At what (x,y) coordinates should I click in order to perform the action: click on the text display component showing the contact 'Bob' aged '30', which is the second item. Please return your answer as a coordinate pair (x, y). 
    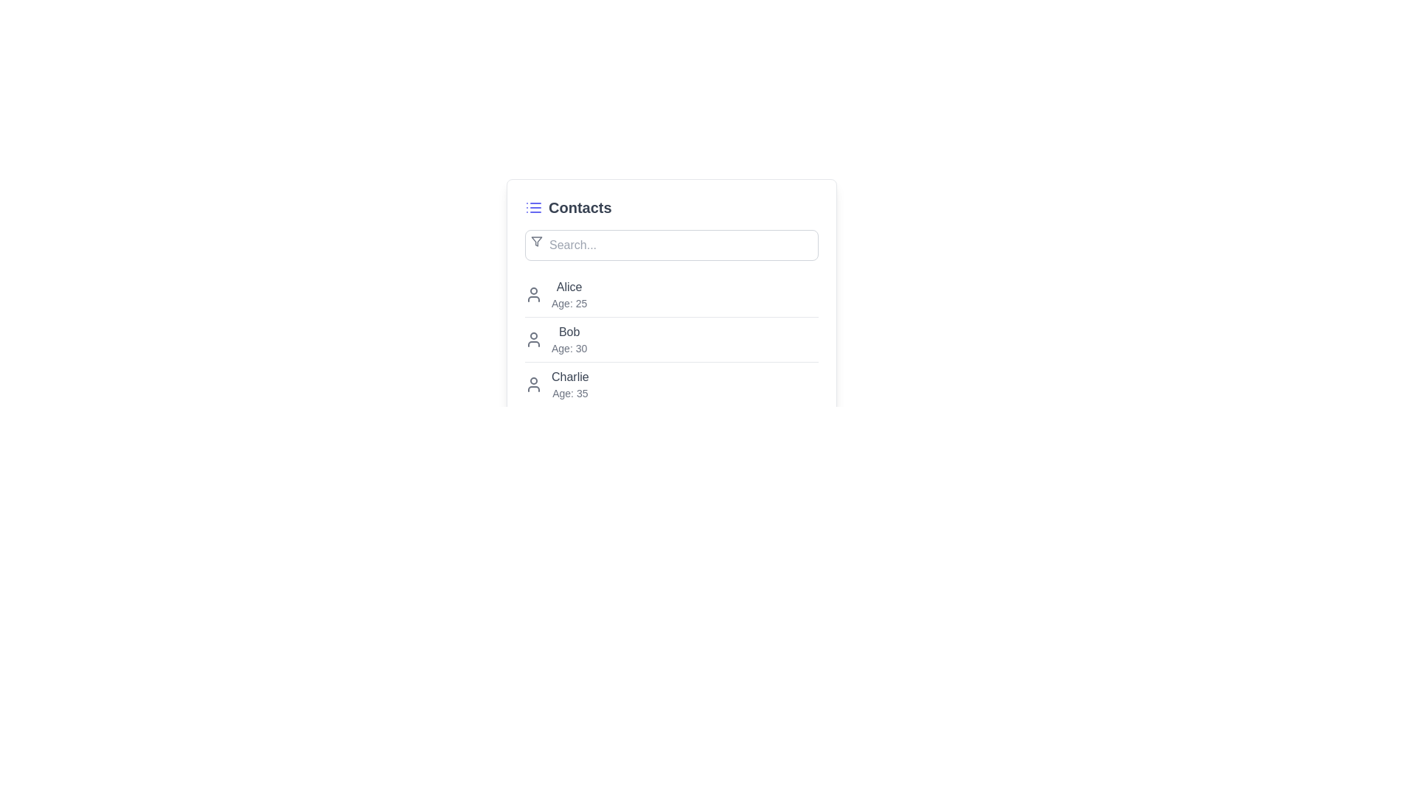
    Looking at the image, I should click on (569, 340).